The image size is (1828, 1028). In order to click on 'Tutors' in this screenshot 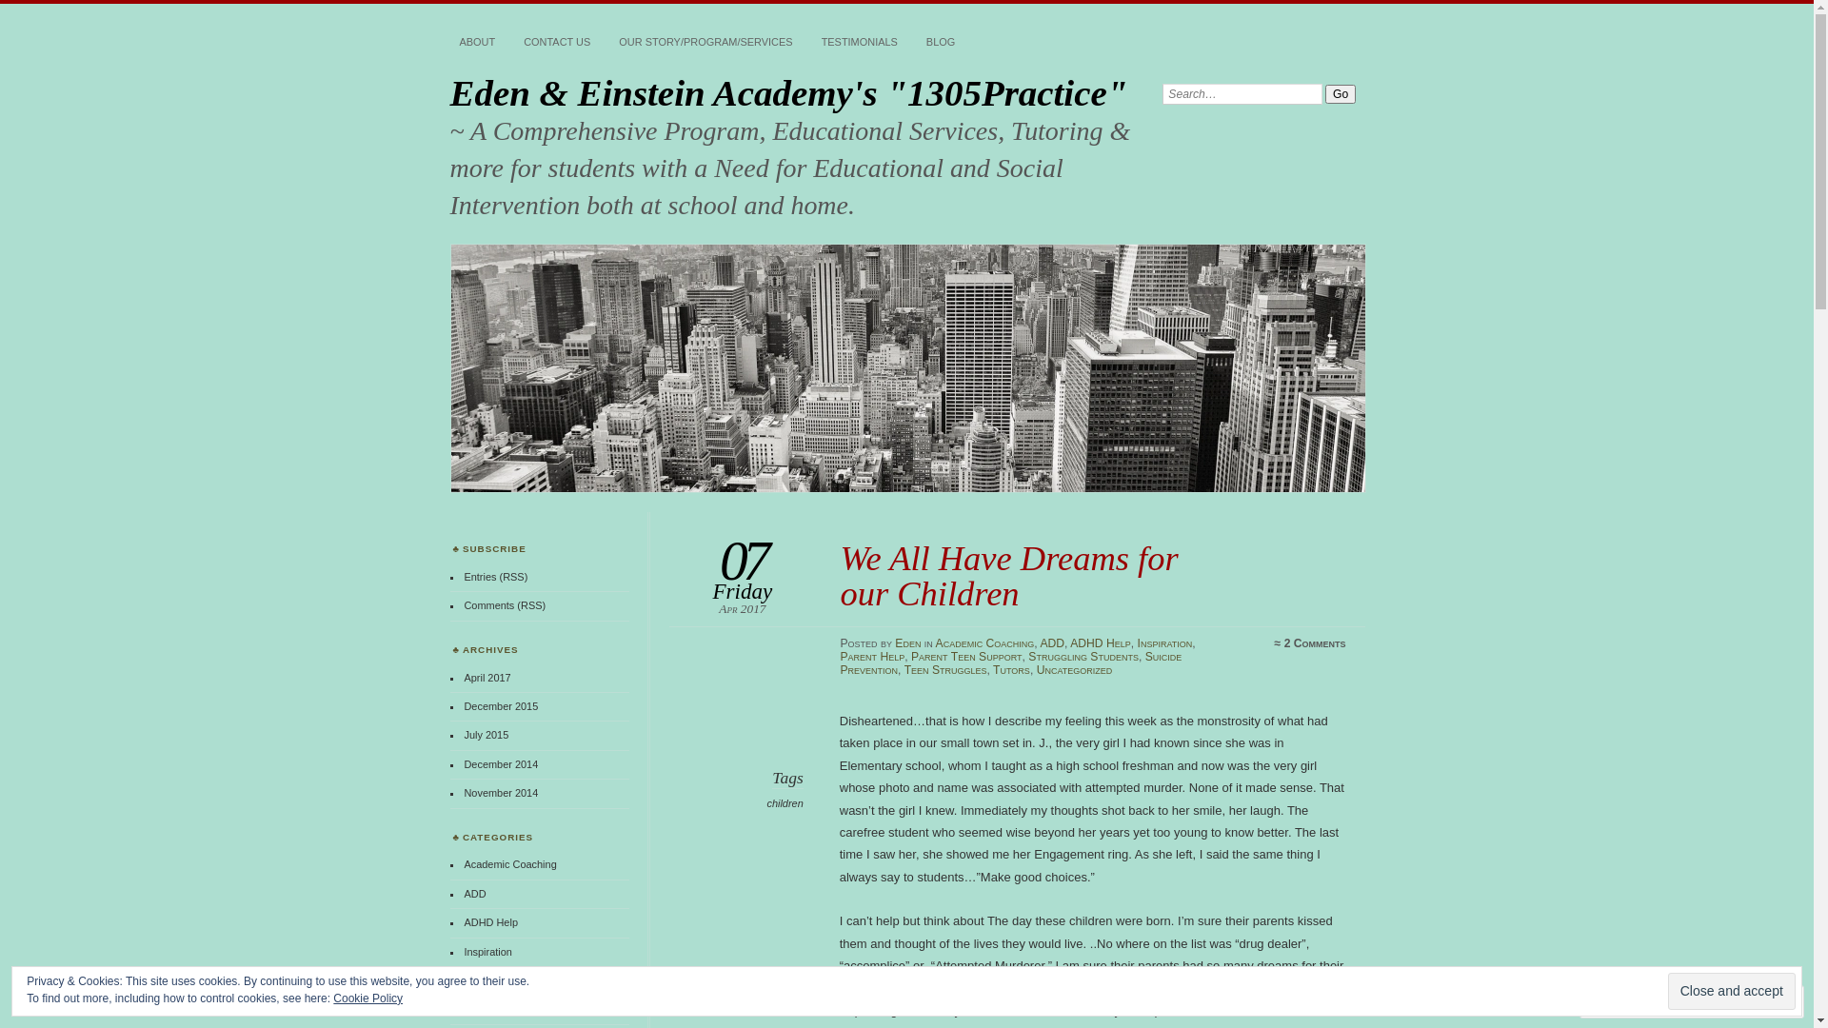, I will do `click(1010, 669)`.